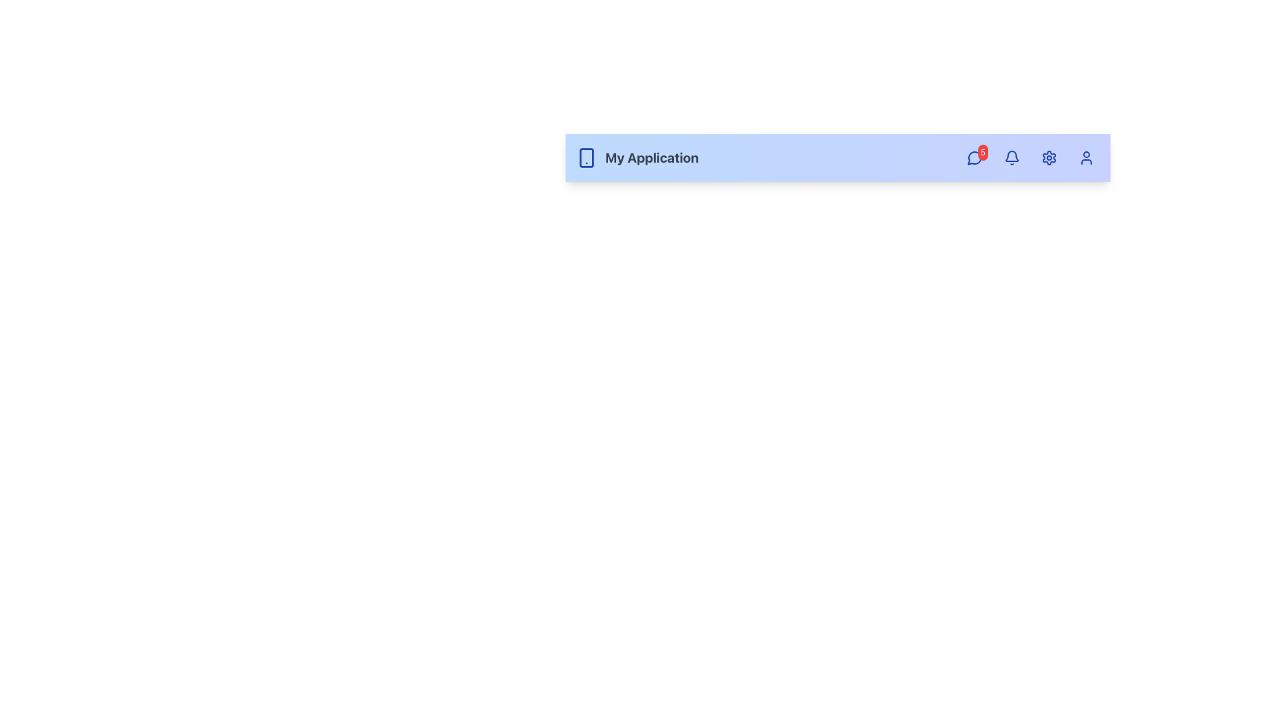  Describe the element at coordinates (1087, 157) in the screenshot. I see `the minimalist blue user icon located at the right-hand side of the top navigation bar` at that location.